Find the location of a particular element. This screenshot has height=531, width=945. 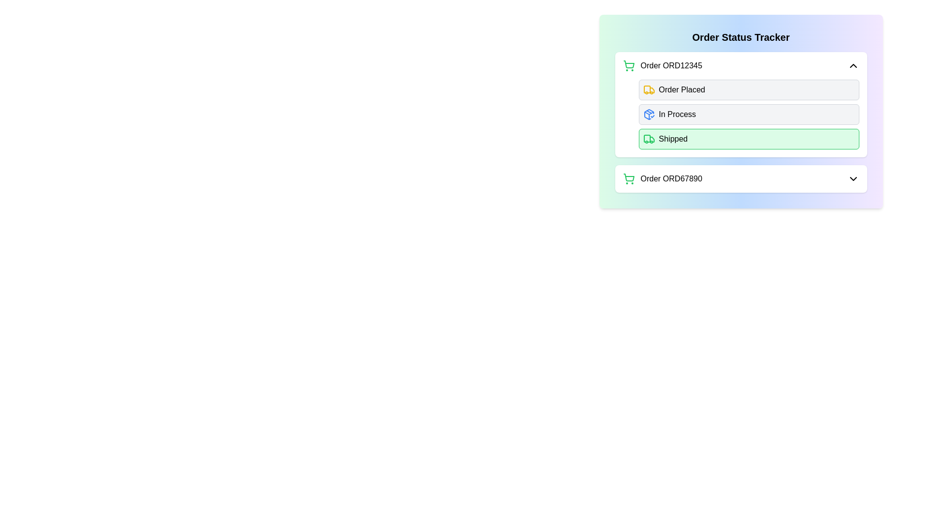

the status of a specific milestone by selecting the milestone Shipped is located at coordinates (649, 139).